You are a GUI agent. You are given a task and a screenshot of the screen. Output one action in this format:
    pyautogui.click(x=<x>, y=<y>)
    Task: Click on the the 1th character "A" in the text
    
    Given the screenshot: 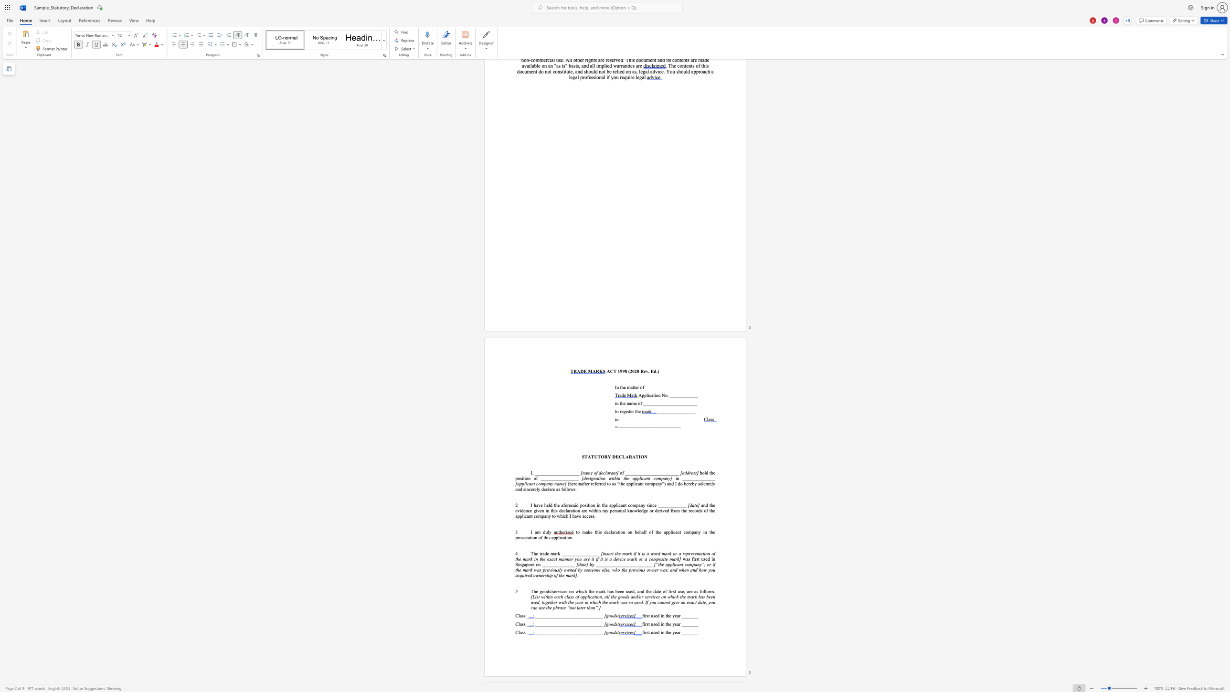 What is the action you would take?
    pyautogui.click(x=608, y=371)
    